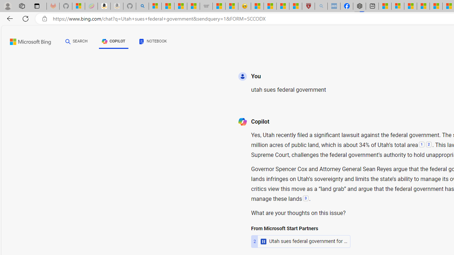  What do you see at coordinates (26, 40) in the screenshot?
I see `'Back to Bing search'` at bounding box center [26, 40].